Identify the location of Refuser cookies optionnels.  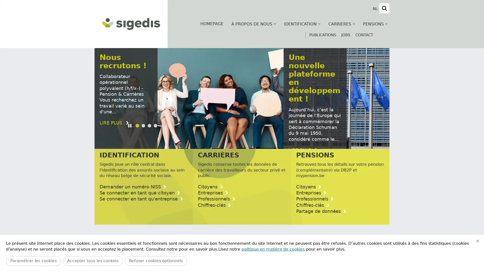
(156, 261).